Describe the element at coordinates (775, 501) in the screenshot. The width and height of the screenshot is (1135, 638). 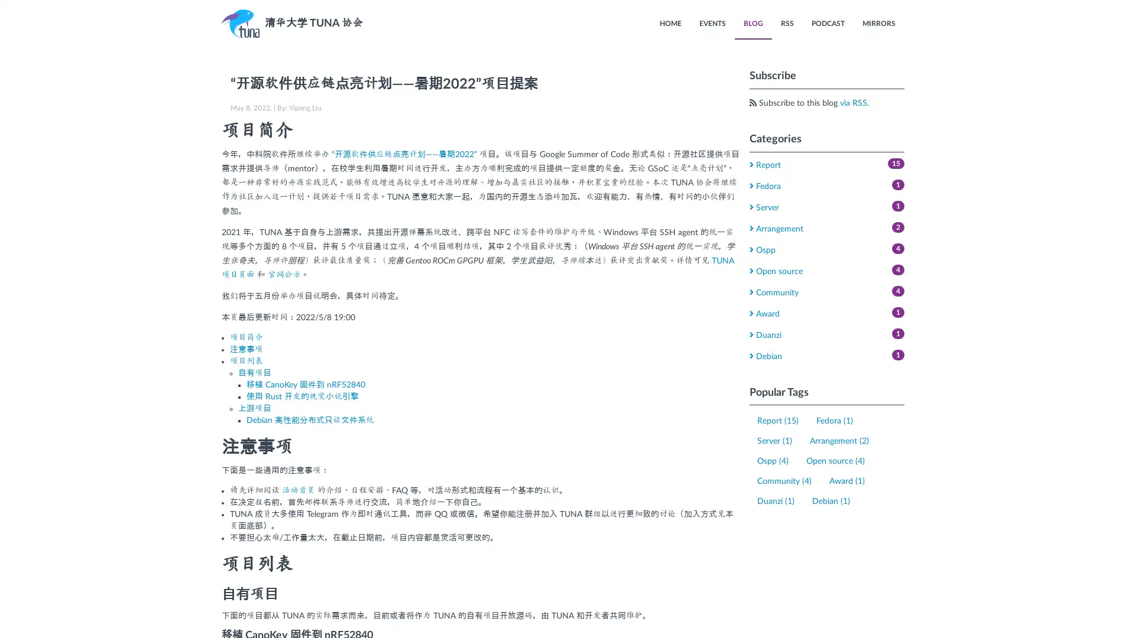
I see `Duanzi (1)` at that location.